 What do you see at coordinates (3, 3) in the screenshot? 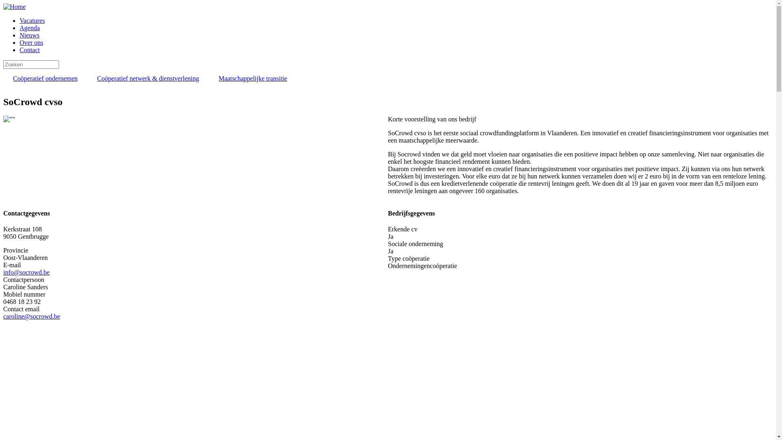
I see `'Overslaan en naar de inhoud gaan'` at bounding box center [3, 3].